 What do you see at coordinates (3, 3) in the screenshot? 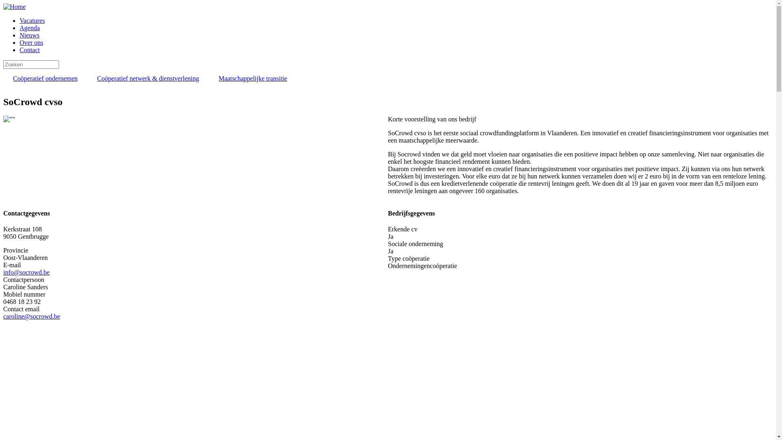
I see `'Overslaan en naar de inhoud gaan'` at bounding box center [3, 3].